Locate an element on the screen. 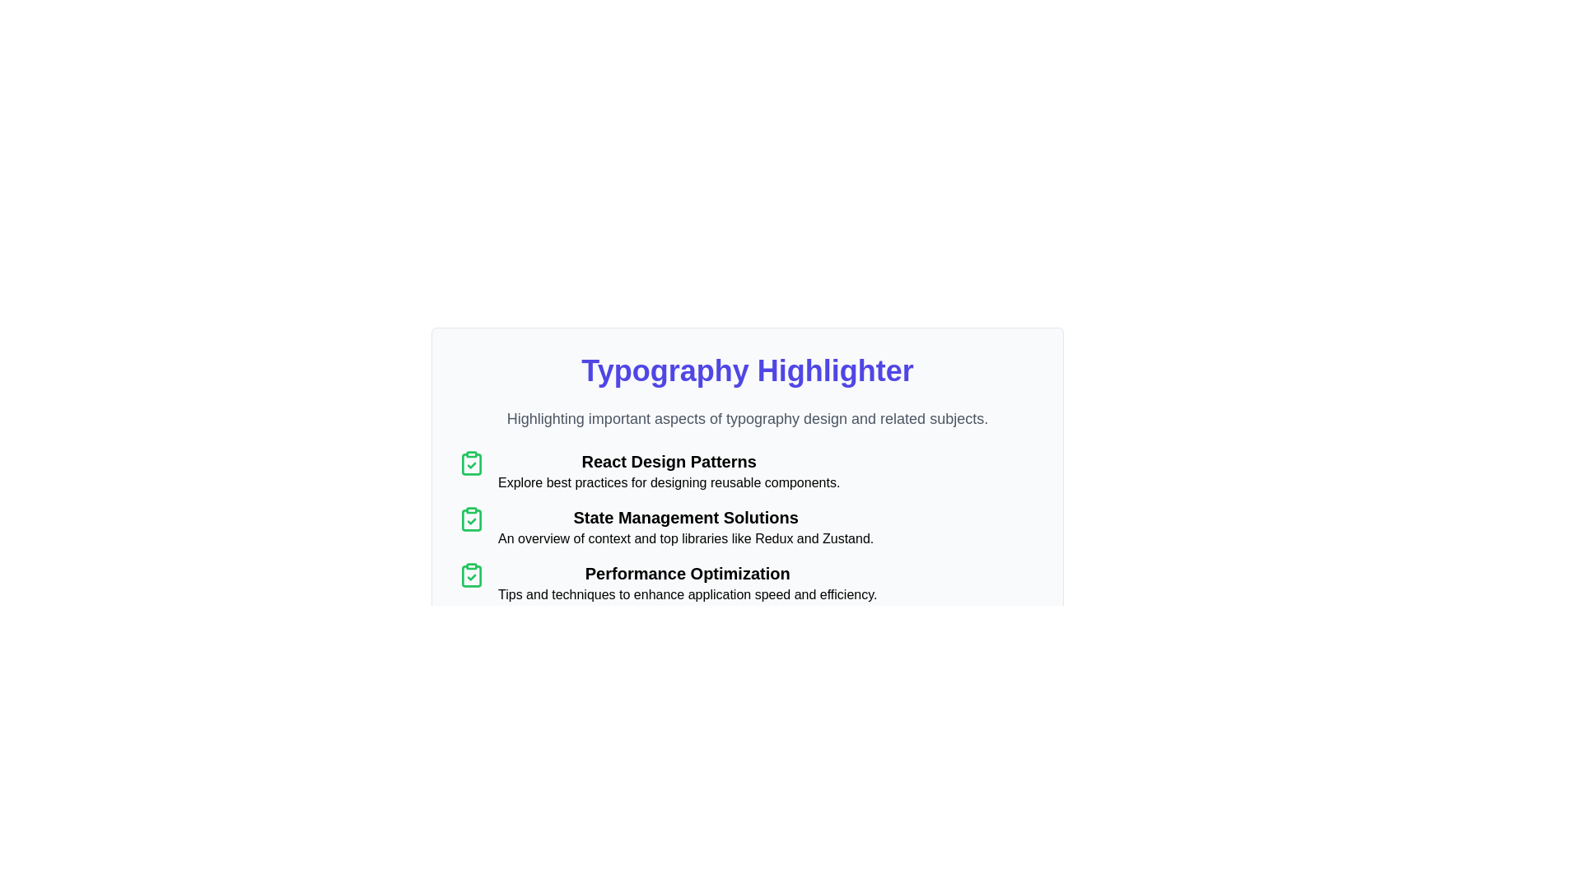 This screenshot has height=889, width=1581. the 'Performance Optimization' text description block, which features two lines of text, with the first line in emphasized font and positioned below the 'State Management Solutions' section is located at coordinates (688, 583).